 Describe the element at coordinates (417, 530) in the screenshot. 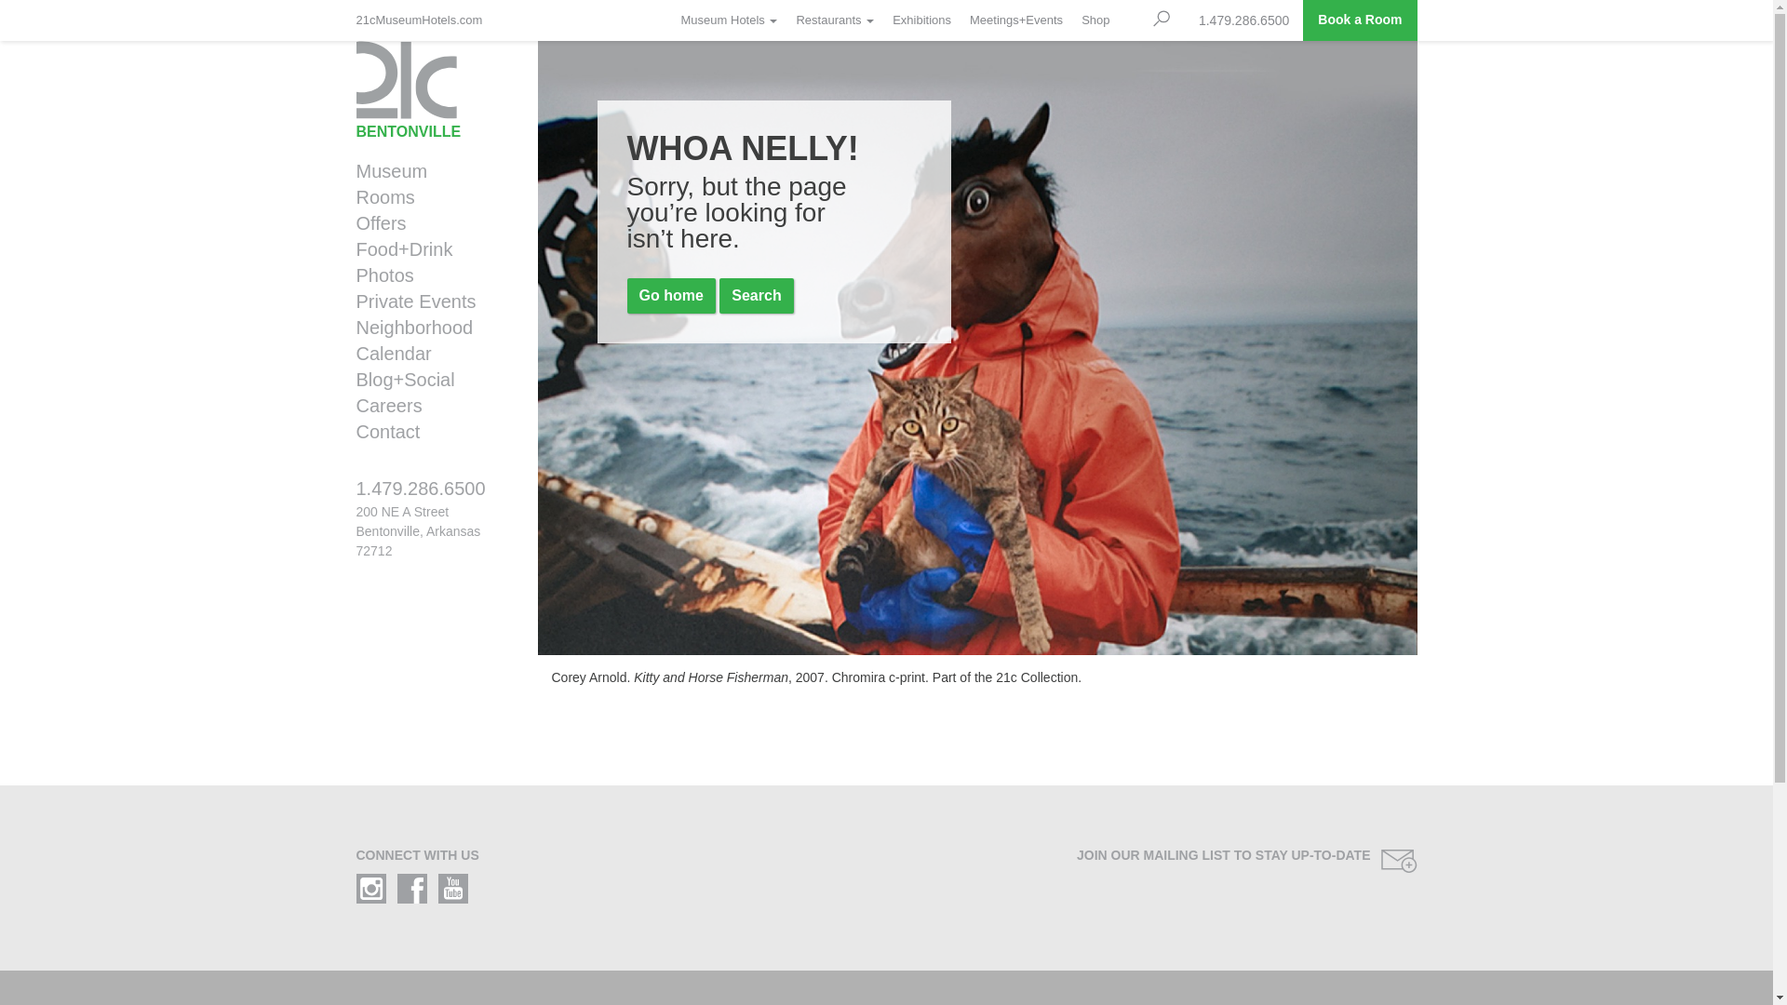

I see `'200 NE A Street` at that location.